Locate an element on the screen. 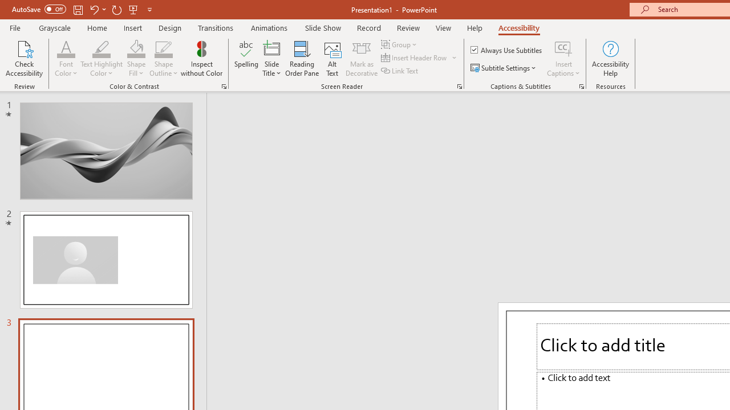 This screenshot has height=410, width=730. 'Subtitle Settings' is located at coordinates (504, 68).